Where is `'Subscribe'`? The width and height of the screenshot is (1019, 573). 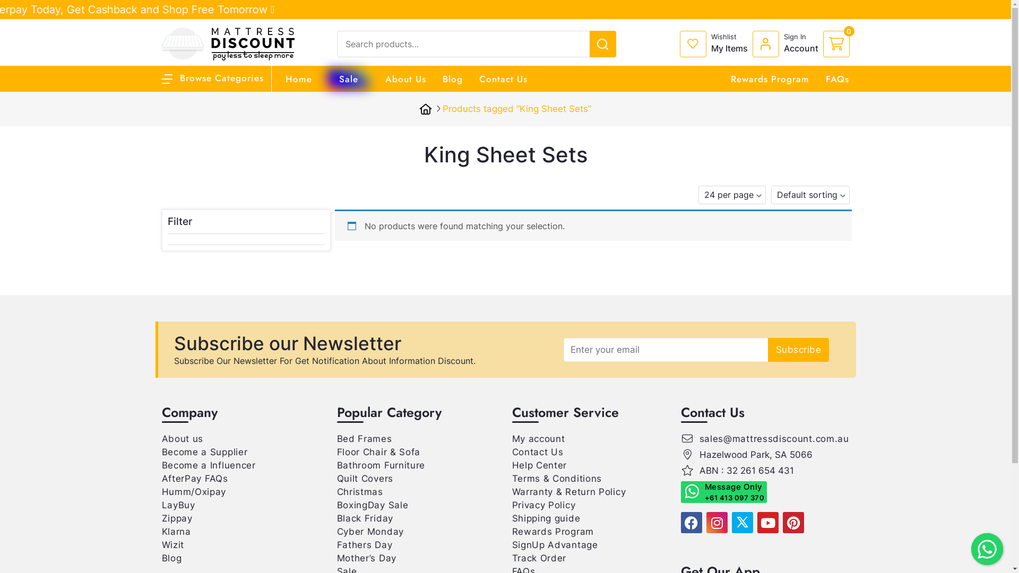 'Subscribe' is located at coordinates (767, 349).